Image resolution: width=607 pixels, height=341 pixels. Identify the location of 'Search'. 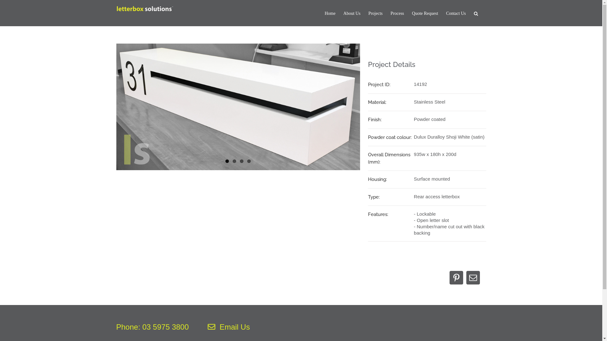
(476, 13).